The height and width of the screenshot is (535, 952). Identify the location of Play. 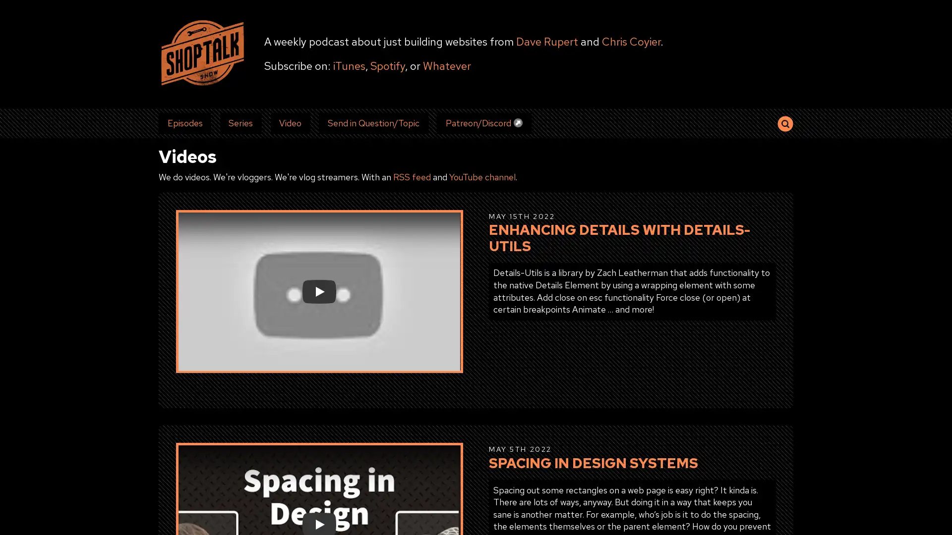
(319, 290).